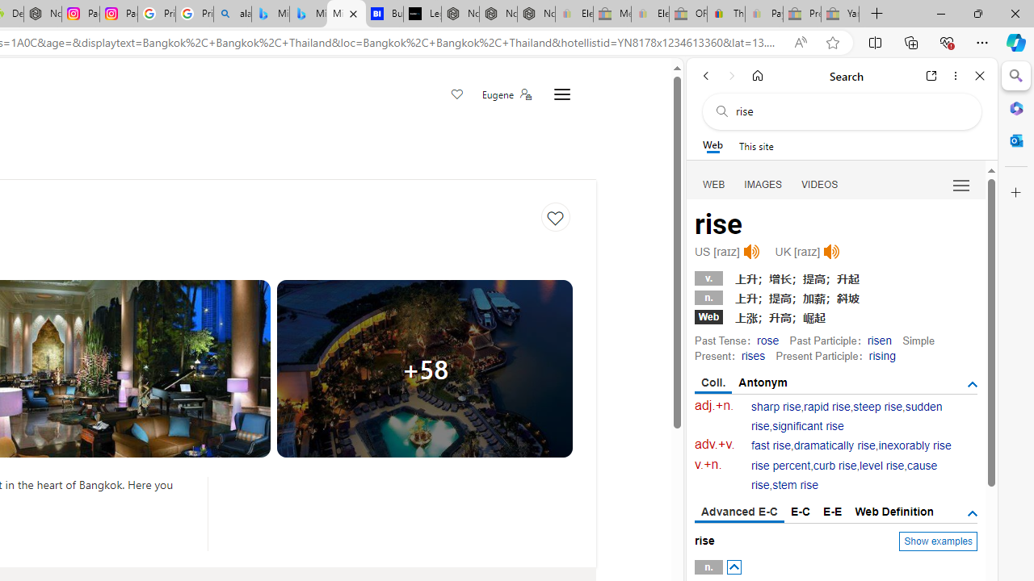 This screenshot has height=581, width=1034. What do you see at coordinates (808, 425) in the screenshot?
I see `'significant rise'` at bounding box center [808, 425].